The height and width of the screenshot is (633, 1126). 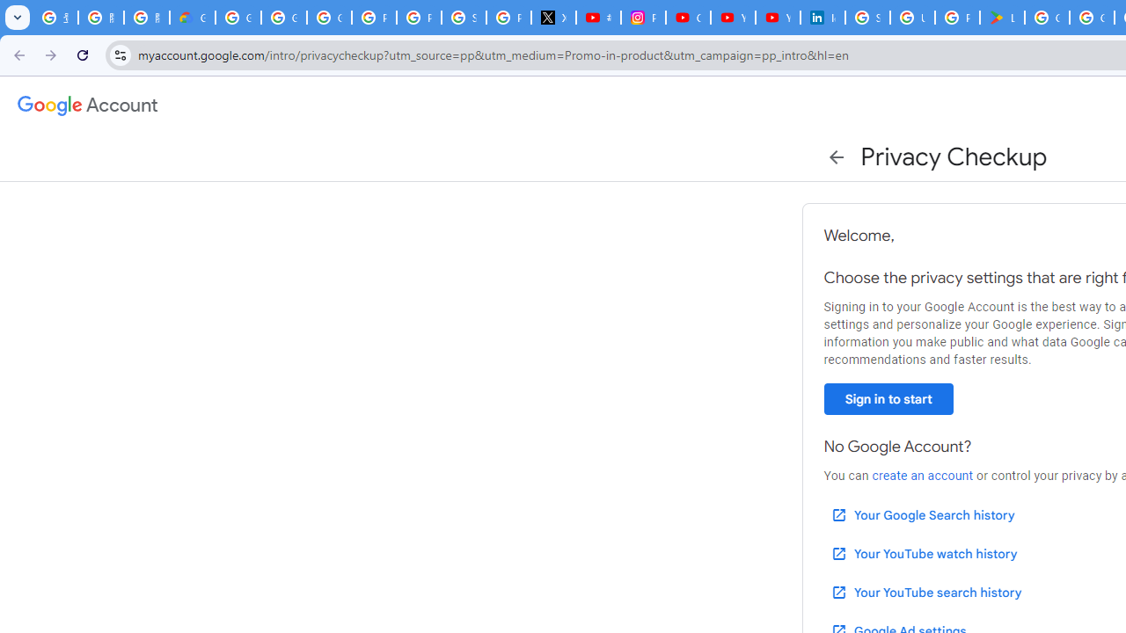 I want to click on 'X', so click(x=552, y=18).